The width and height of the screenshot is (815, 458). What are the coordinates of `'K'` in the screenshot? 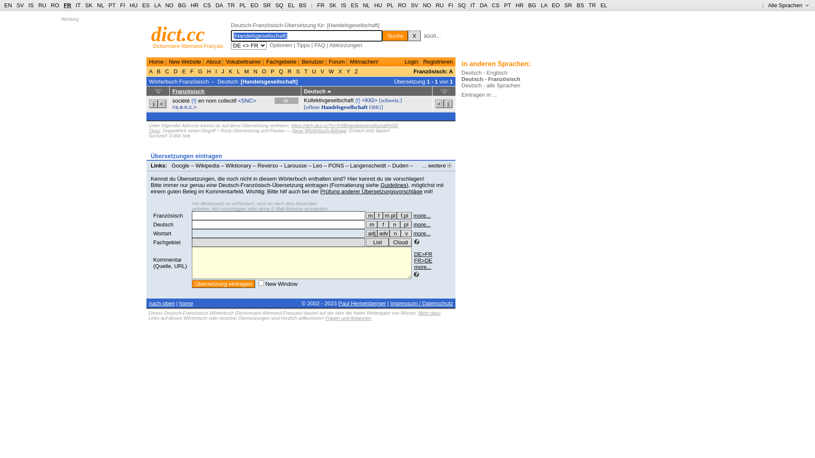 It's located at (230, 71).